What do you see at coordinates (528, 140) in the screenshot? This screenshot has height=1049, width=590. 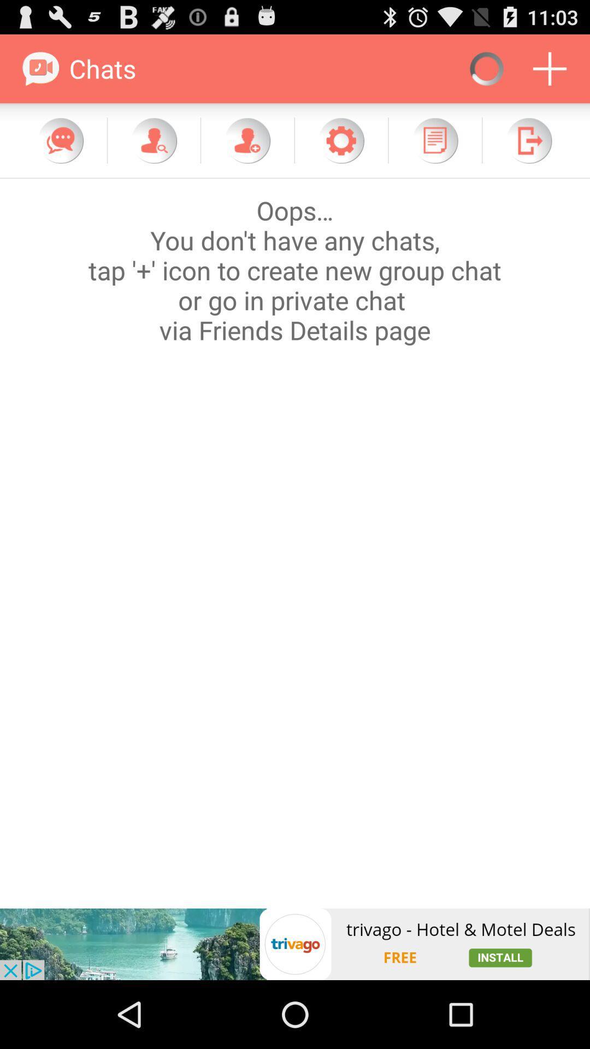 I see `go next` at bounding box center [528, 140].